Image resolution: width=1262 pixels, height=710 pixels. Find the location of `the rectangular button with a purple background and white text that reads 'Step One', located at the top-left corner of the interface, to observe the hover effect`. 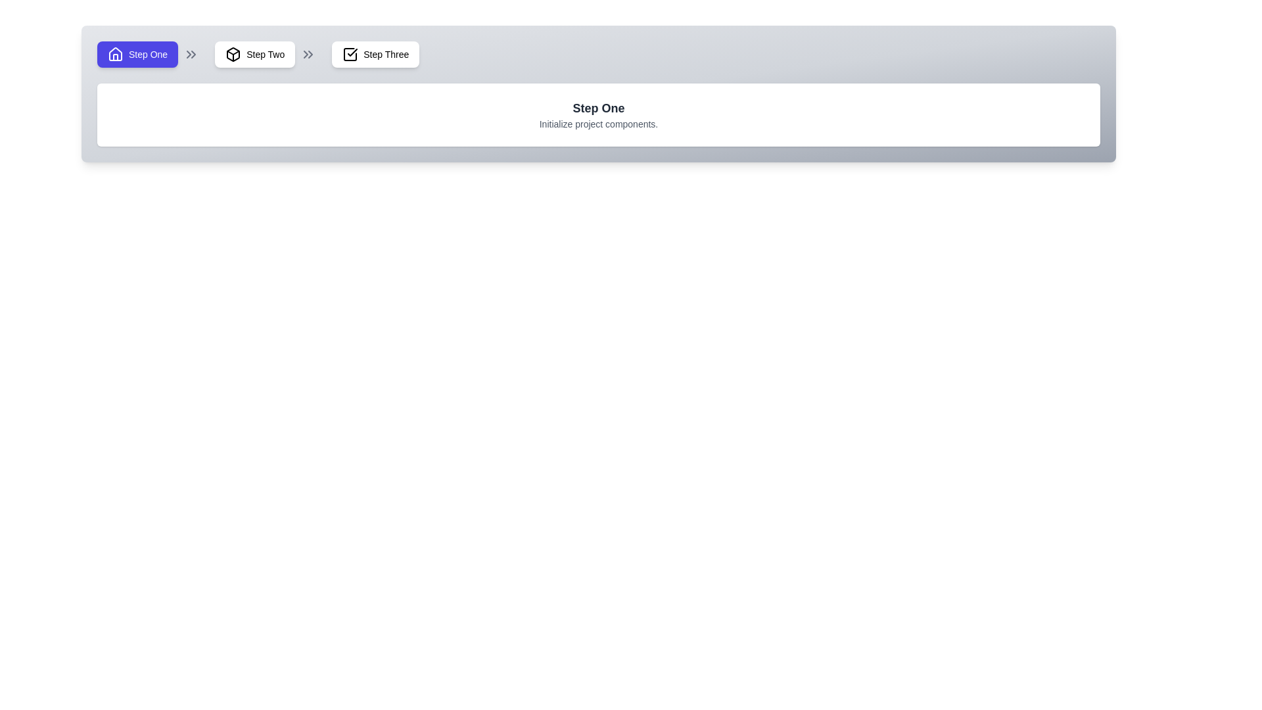

the rectangular button with a purple background and white text that reads 'Step One', located at the top-left corner of the interface, to observe the hover effect is located at coordinates (137, 54).